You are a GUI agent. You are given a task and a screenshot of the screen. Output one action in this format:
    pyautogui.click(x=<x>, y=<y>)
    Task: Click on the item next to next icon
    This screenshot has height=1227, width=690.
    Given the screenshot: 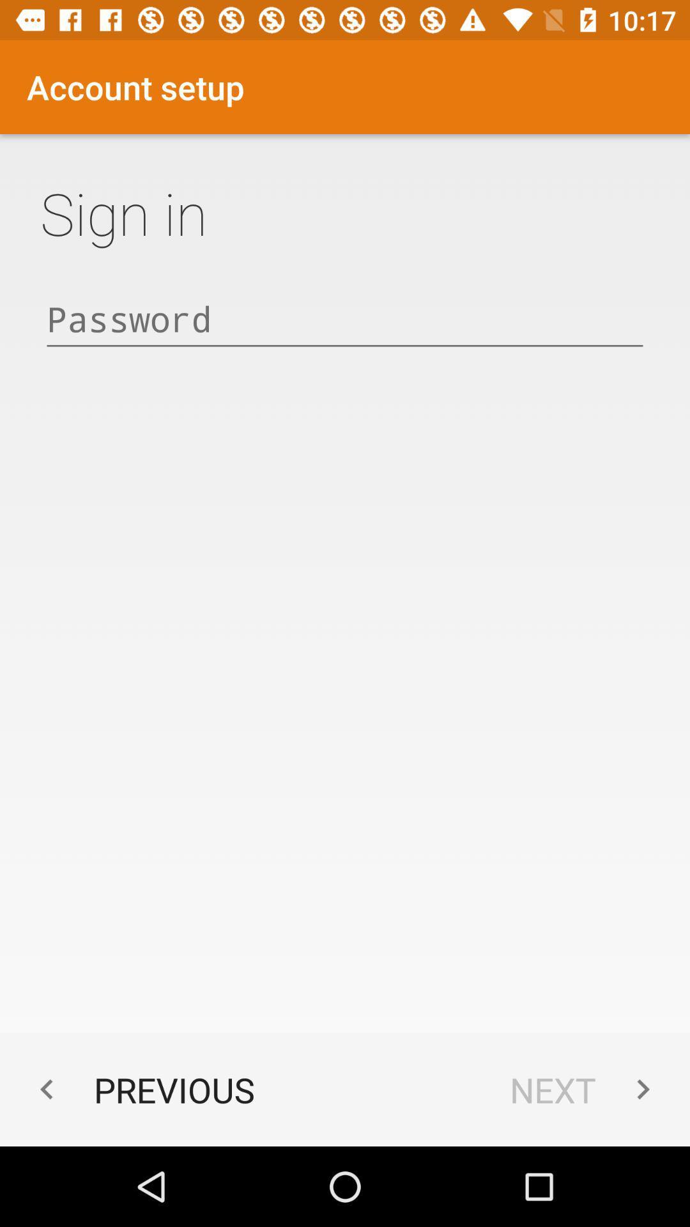 What is the action you would take?
    pyautogui.click(x=141, y=1089)
    